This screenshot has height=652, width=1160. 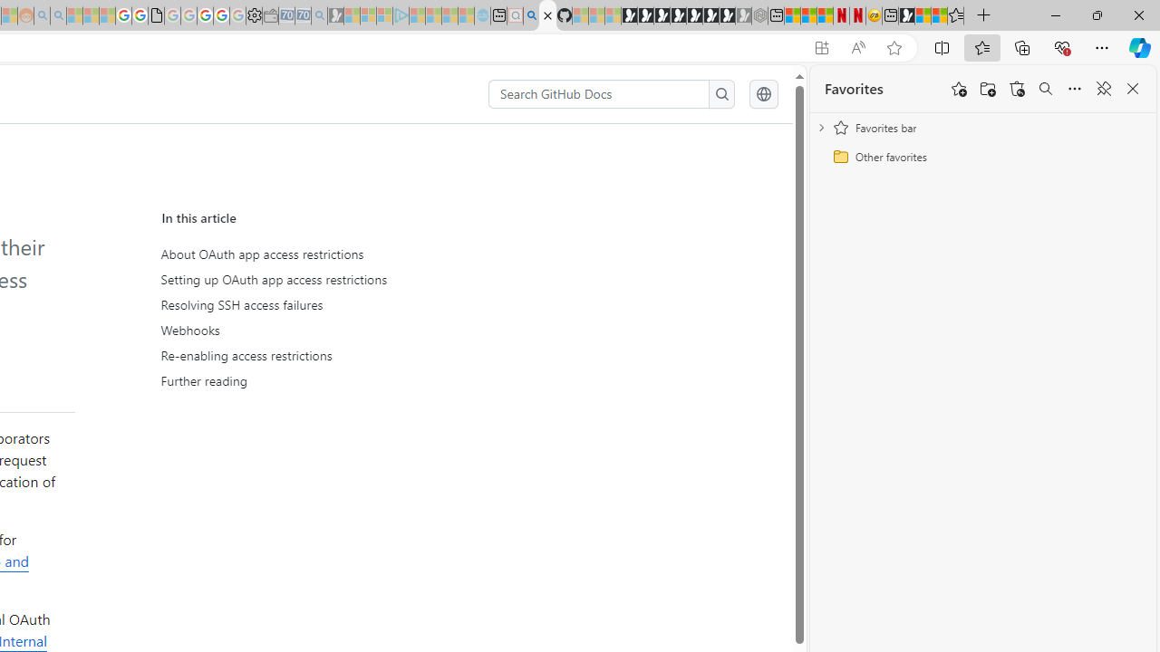 I want to click on 'App available. Install GitHub Docs', so click(x=820, y=47).